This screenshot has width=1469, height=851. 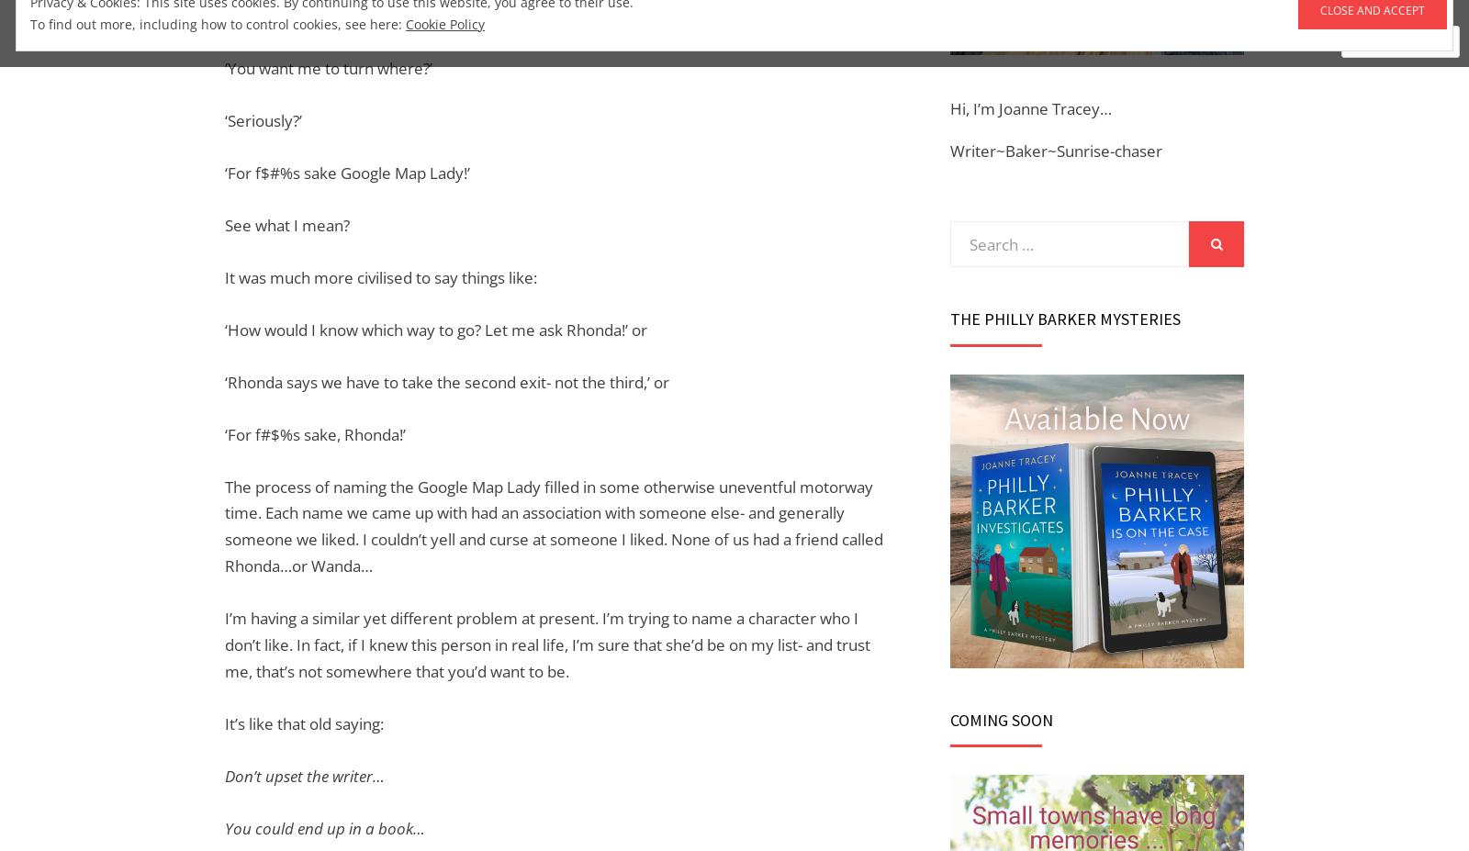 I want to click on 'See what I mean?', so click(x=224, y=225).